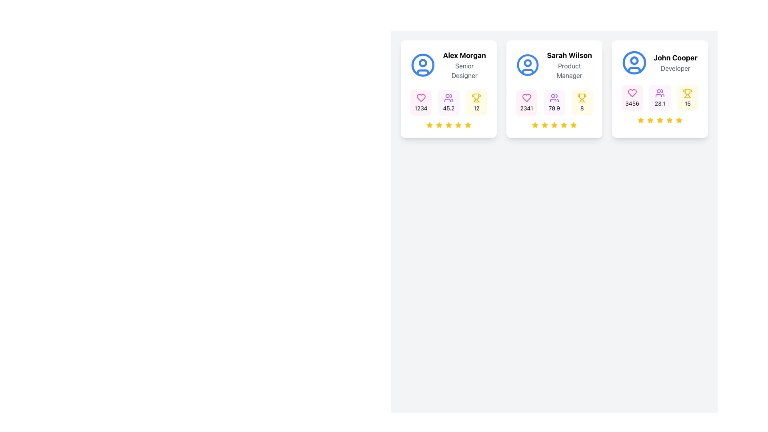 This screenshot has height=432, width=768. What do you see at coordinates (631, 92) in the screenshot?
I see `the heart icon located in the top-left corner of John Cooper's card` at bounding box center [631, 92].